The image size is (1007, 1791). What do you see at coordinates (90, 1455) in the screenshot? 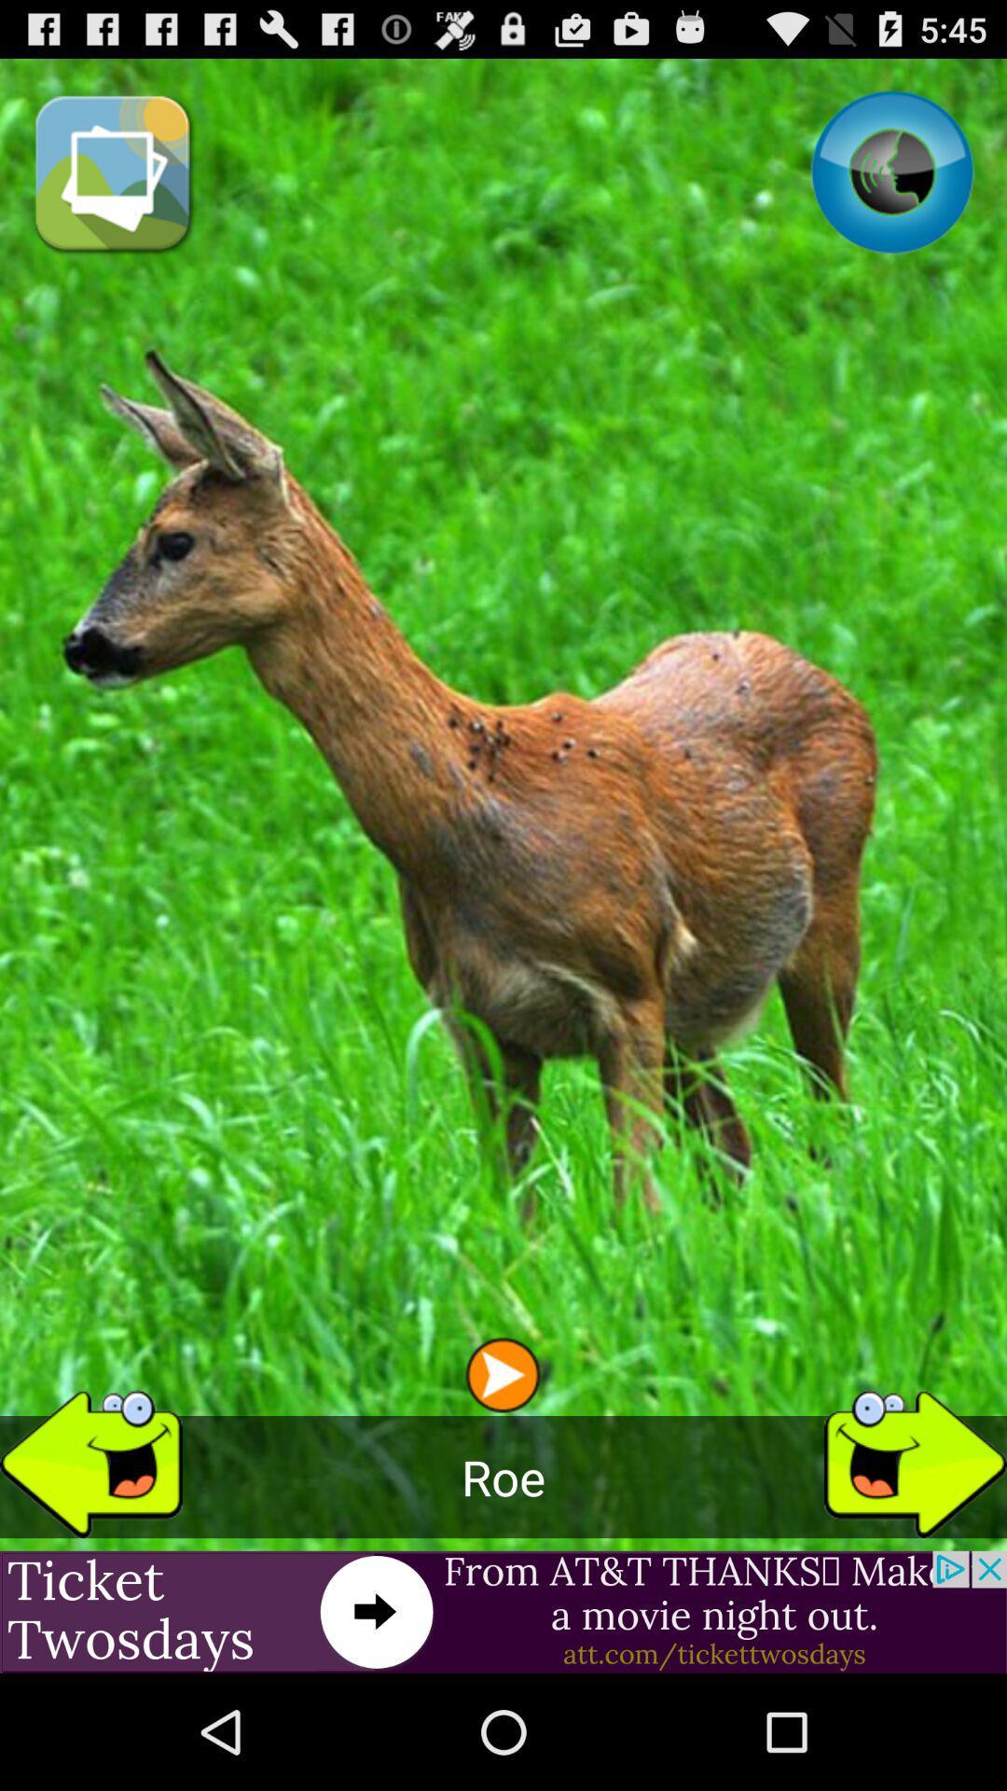
I see `item at the bottom left corner` at bounding box center [90, 1455].